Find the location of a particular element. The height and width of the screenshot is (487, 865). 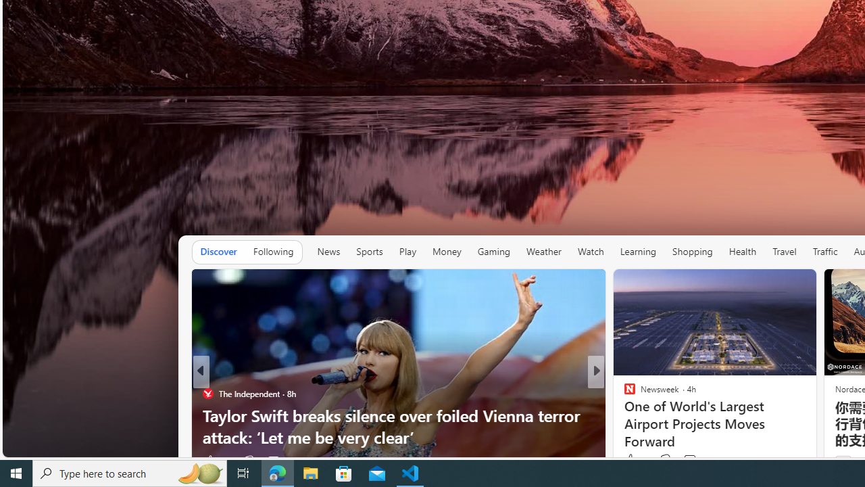

'5 Like' is located at coordinates (628, 460).